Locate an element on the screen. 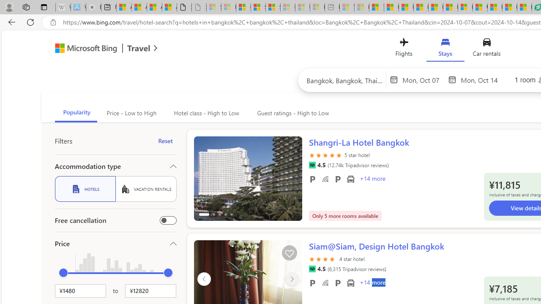  'Slide 1' is located at coordinates (247, 183).